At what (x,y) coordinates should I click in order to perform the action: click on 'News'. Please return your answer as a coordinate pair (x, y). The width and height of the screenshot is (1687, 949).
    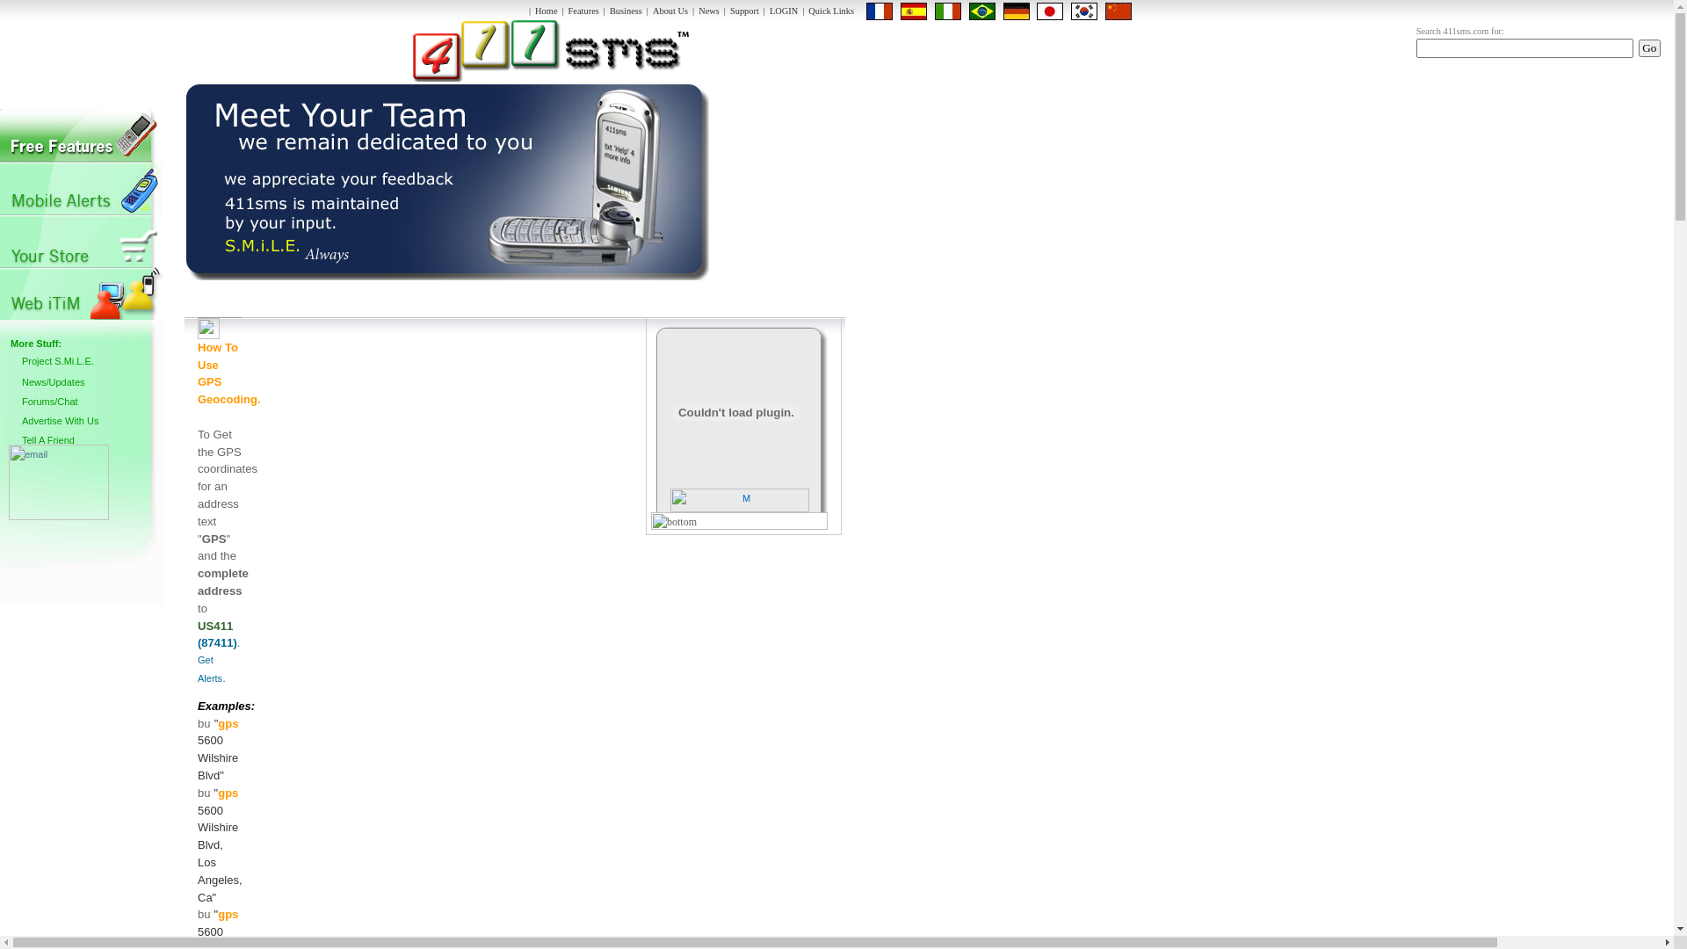
    Looking at the image, I should click on (708, 10).